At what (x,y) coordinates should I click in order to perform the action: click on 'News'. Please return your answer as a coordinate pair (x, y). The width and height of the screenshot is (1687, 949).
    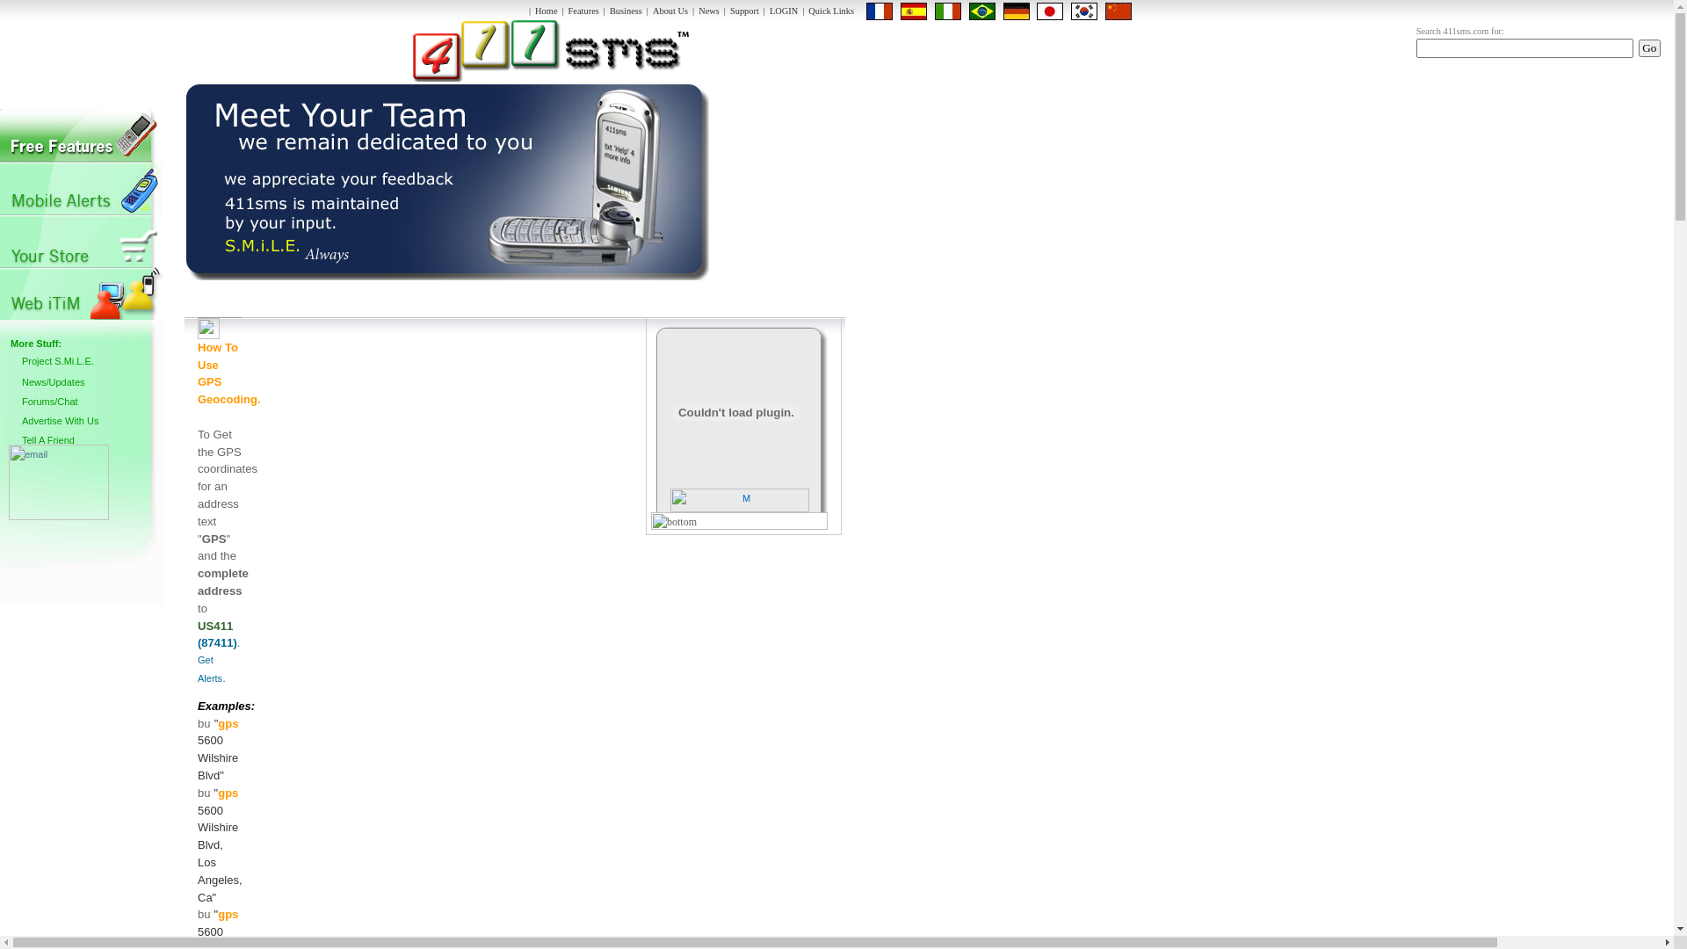
    Looking at the image, I should click on (708, 10).